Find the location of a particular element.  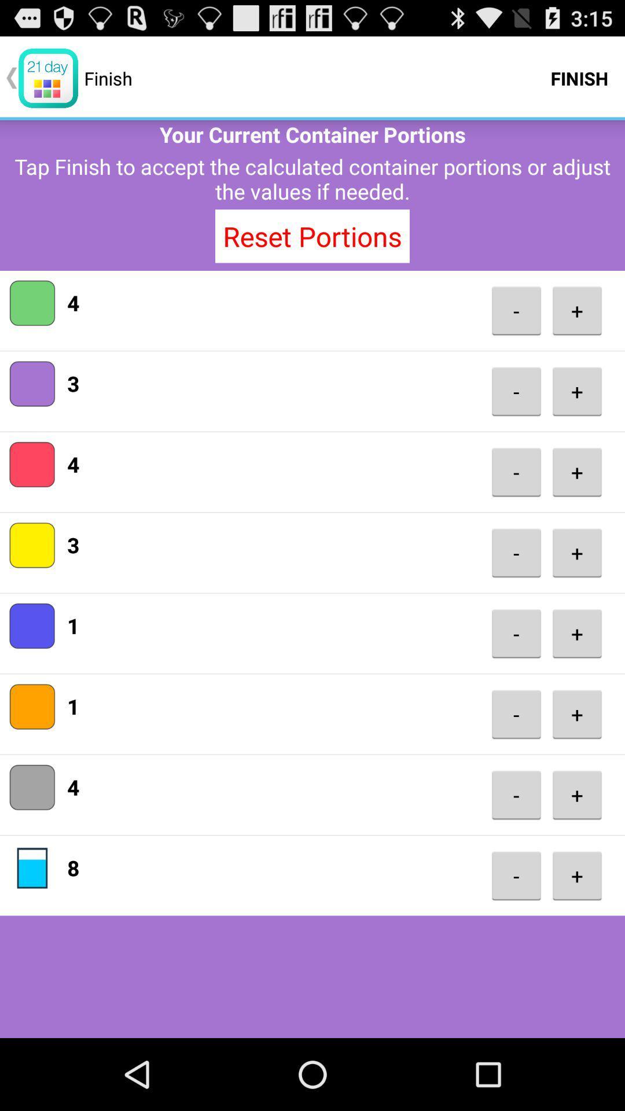

the item next to the 1 item is located at coordinates (516, 713).